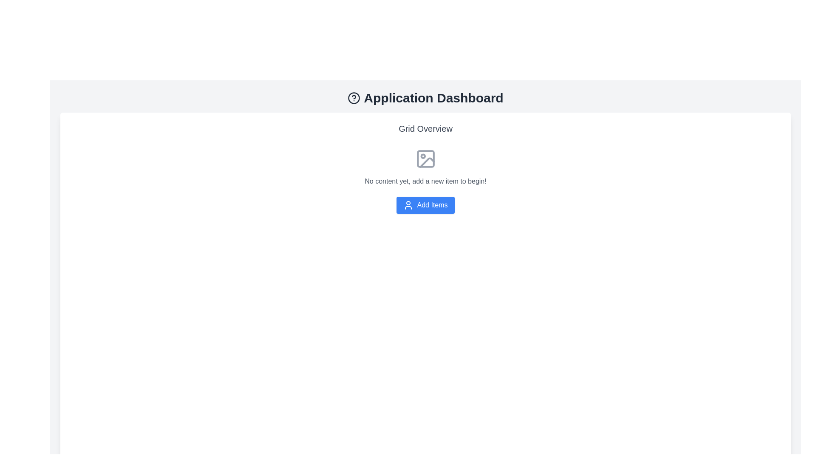  I want to click on the graphical placeholder icon that indicates an empty state, positioned above the text 'No content yet, add a new item to begin!', so click(425, 159).